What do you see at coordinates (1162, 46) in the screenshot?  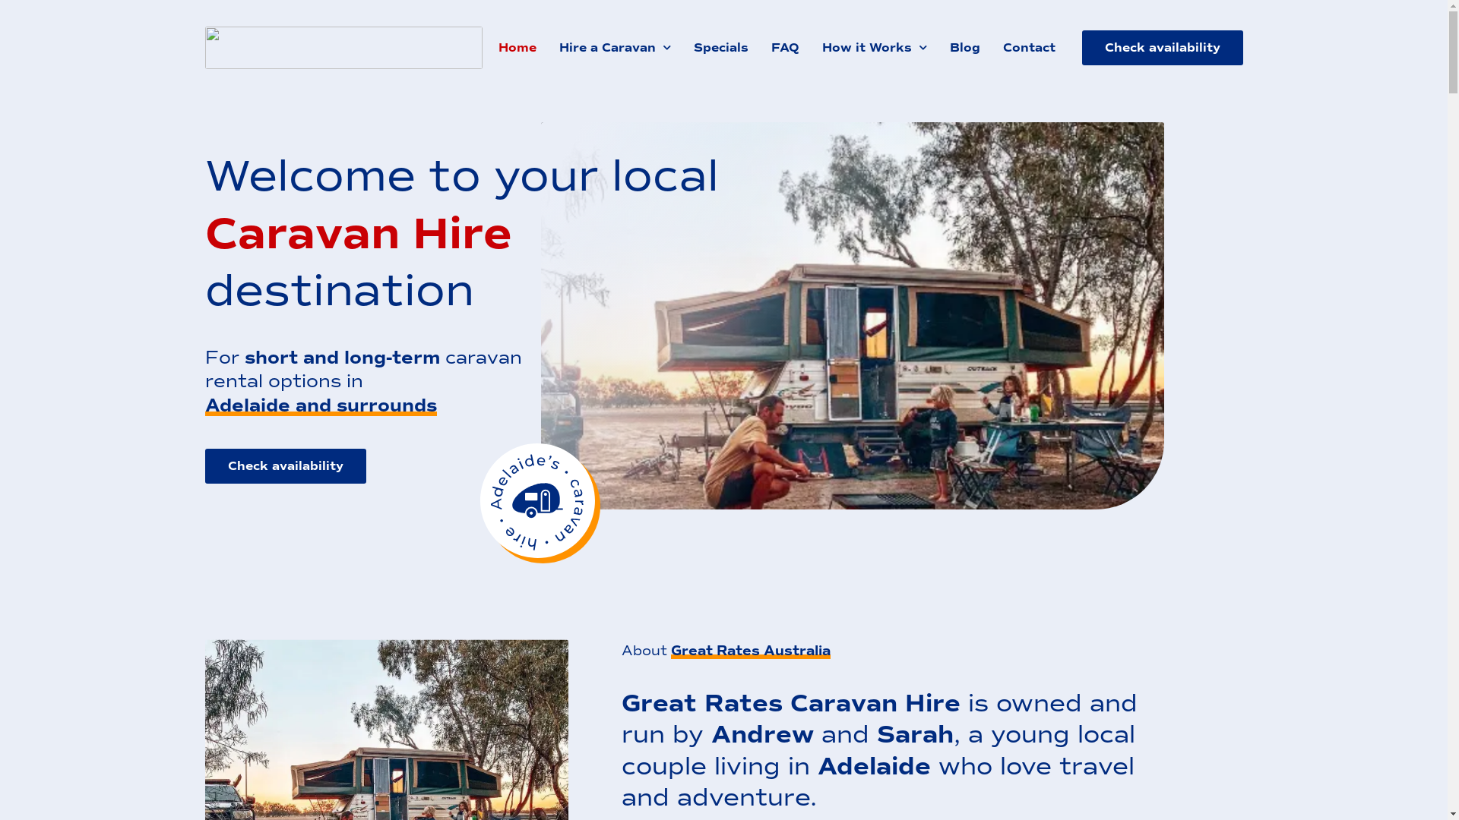 I see `'Check availability'` at bounding box center [1162, 46].